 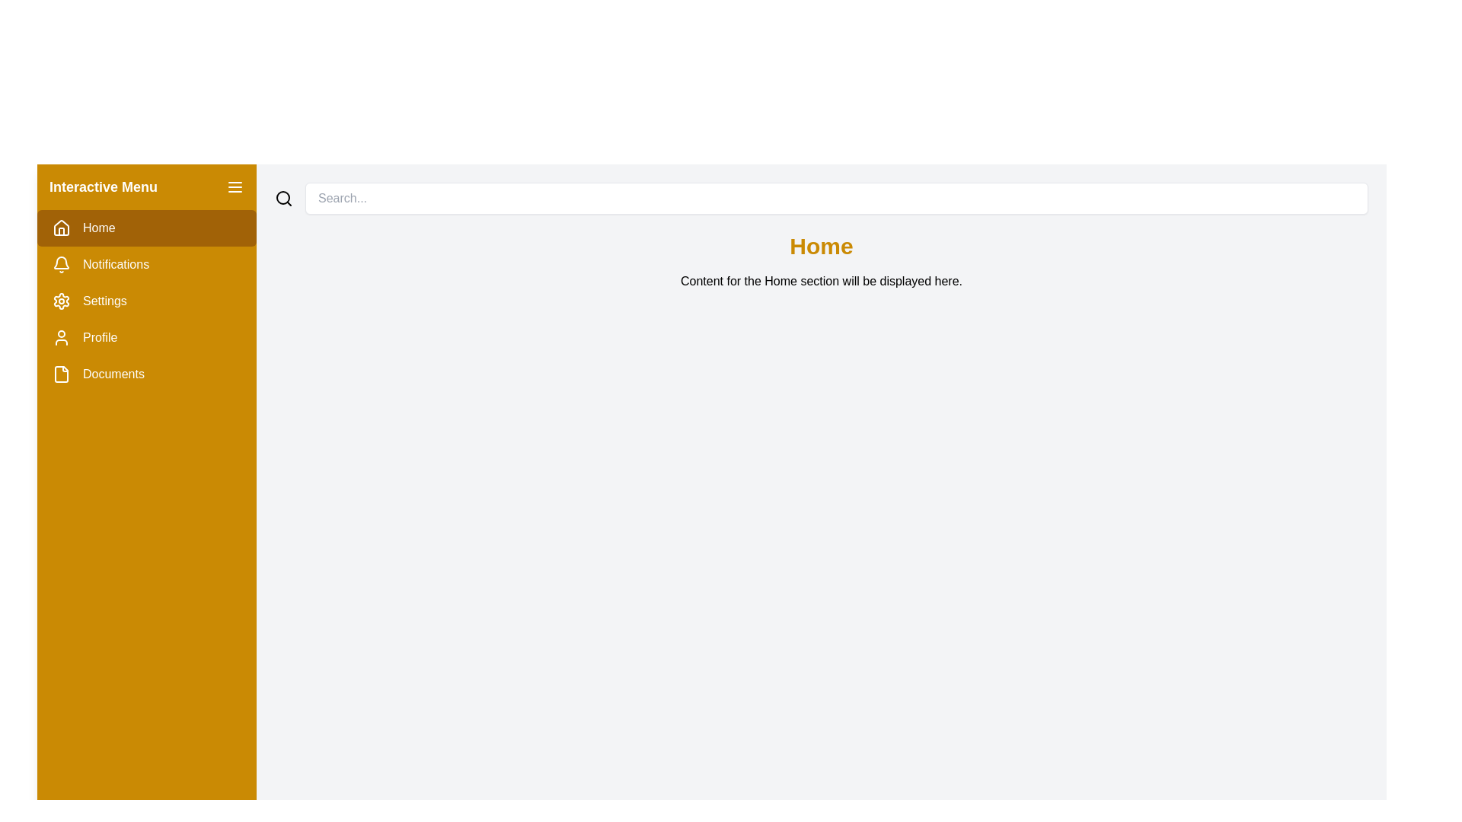 I want to click on the Text Label that indicates the purpose of the side menu, located at the top-left section of the interface, so click(x=102, y=186).